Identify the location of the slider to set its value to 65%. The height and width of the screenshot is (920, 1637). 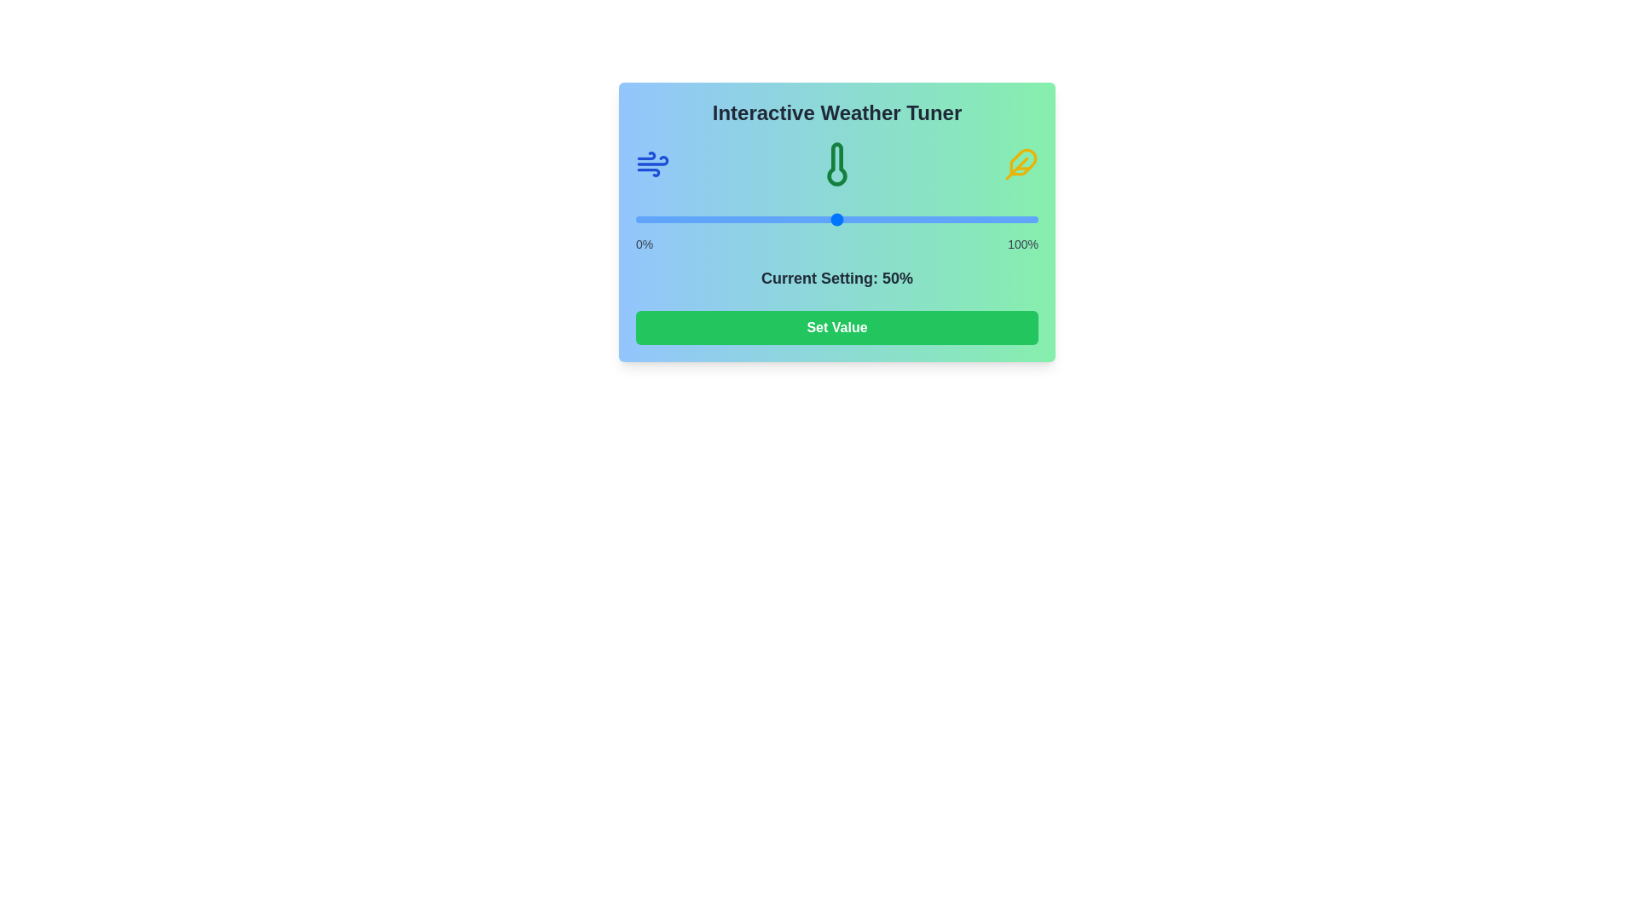
(896, 219).